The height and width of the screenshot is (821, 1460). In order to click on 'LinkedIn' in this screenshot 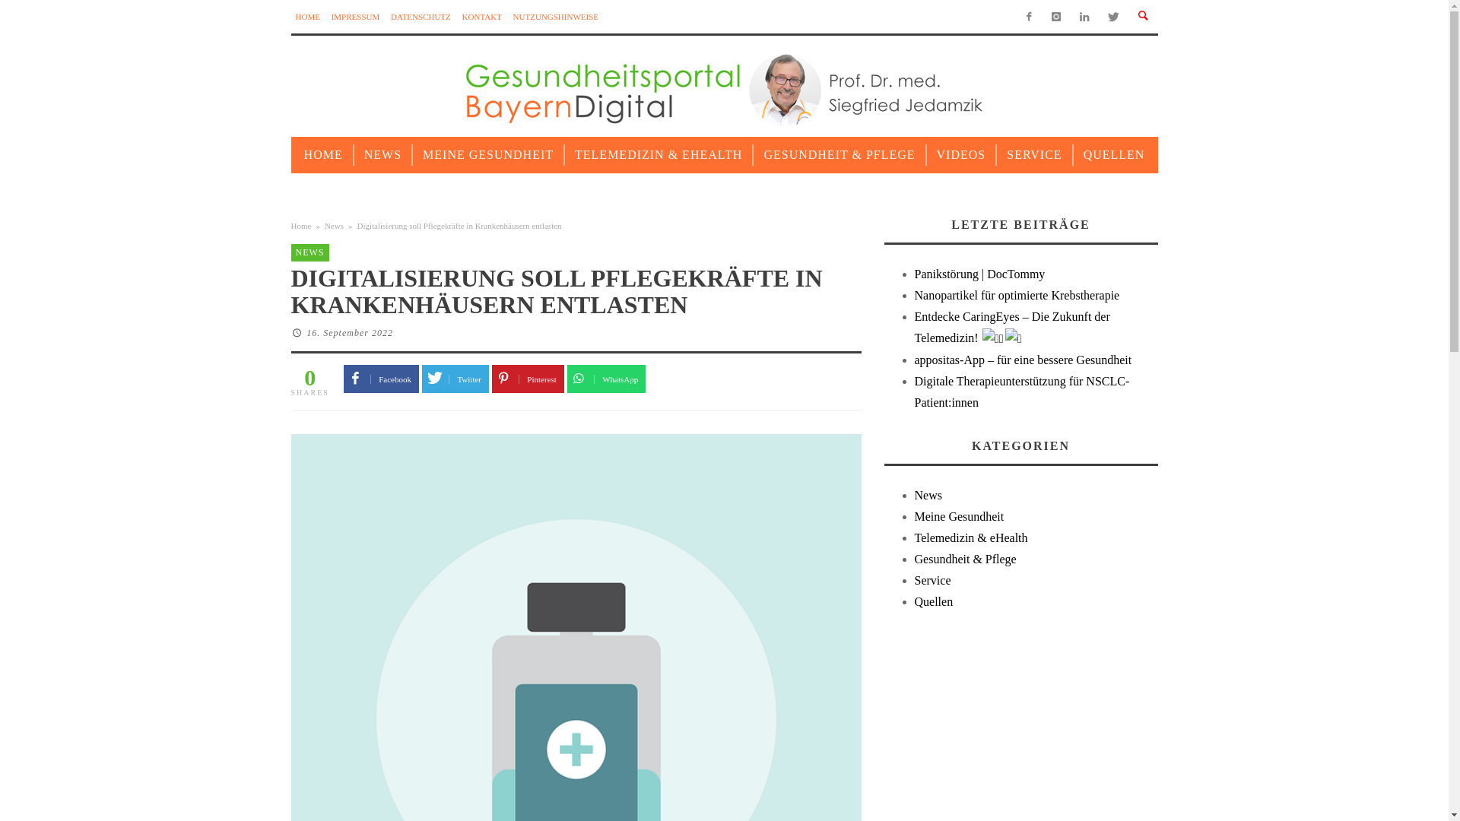, I will do `click(1084, 17)`.